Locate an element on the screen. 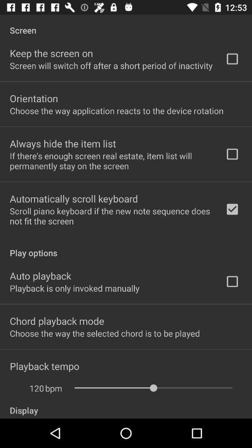  app above the display item is located at coordinates (54, 388).